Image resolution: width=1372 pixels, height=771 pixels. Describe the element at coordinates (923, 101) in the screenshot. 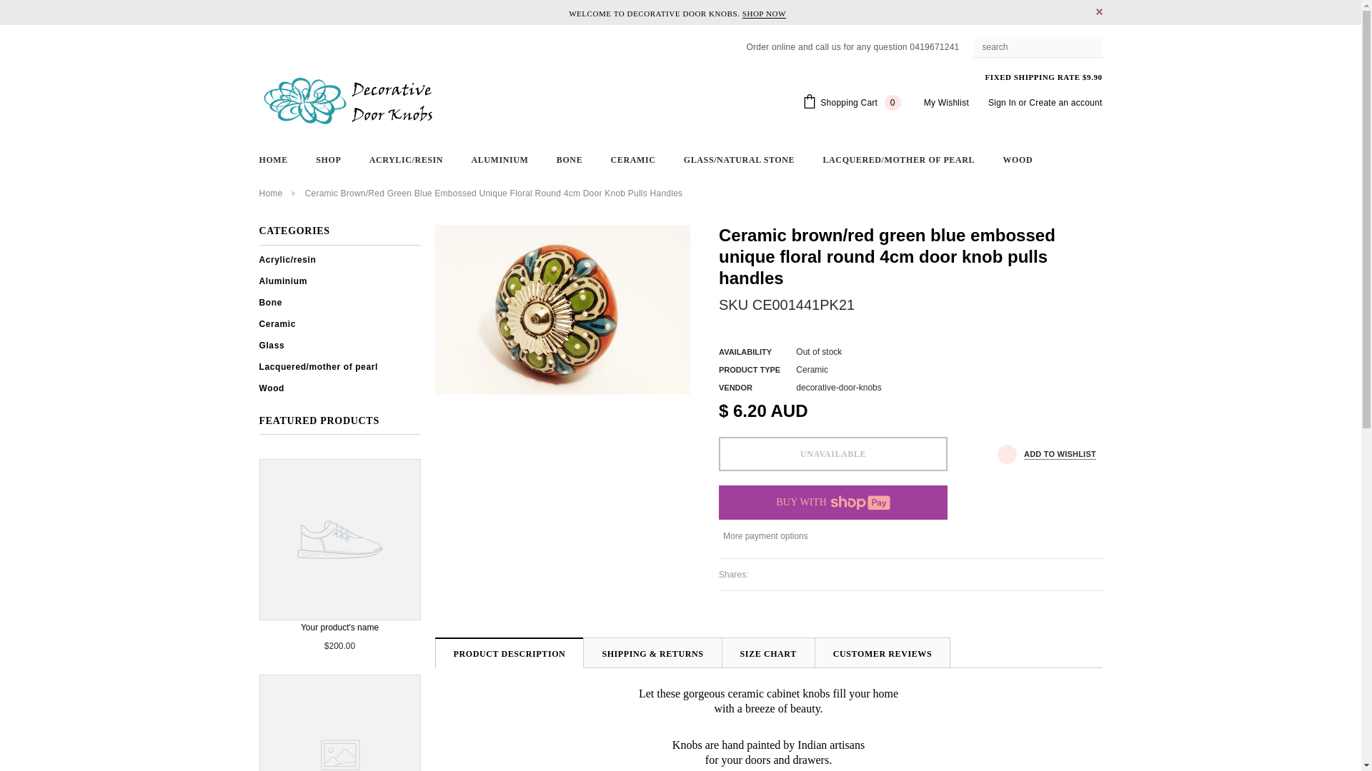

I see `'My Wishlist'` at that location.